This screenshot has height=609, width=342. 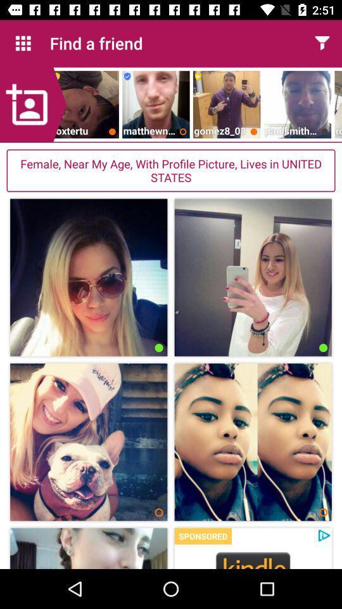 What do you see at coordinates (171, 170) in the screenshot?
I see `the female near my icon` at bounding box center [171, 170].